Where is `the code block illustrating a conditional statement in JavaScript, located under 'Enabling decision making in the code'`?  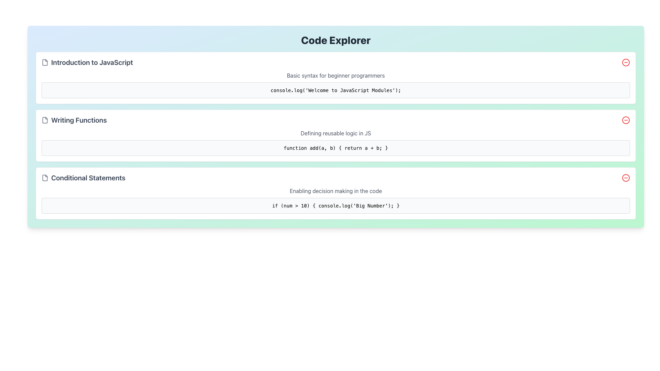
the code block illustrating a conditional statement in JavaScript, located under 'Enabling decision making in the code' is located at coordinates (336, 205).